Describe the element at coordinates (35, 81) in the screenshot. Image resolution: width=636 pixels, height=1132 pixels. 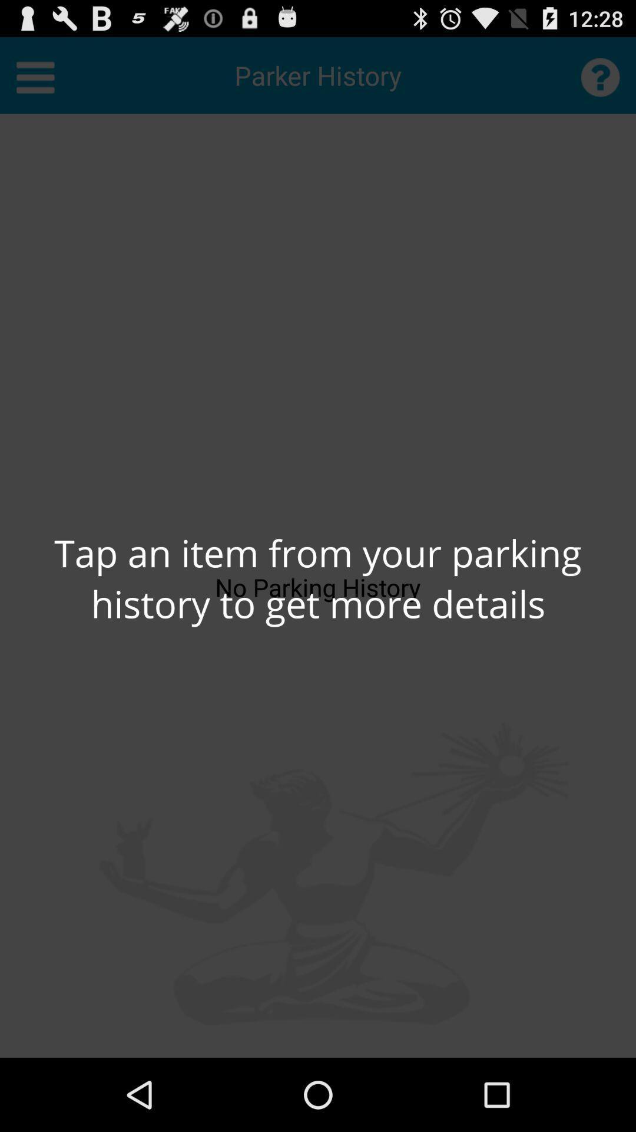
I see `the menu icon` at that location.